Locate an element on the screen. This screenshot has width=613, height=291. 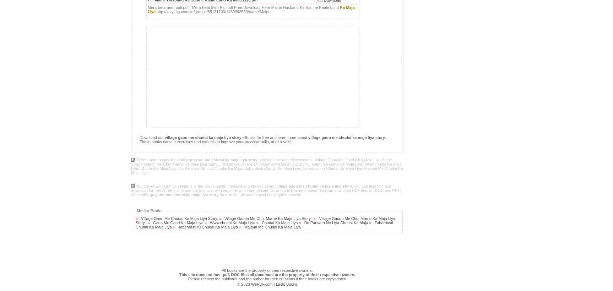
', you can use related keywords : Village Gaon Me Chudai Ka Maja Liya Story., Village Gauon Me Chut Marne Ka Maja Liya Story.., Village Gauon Me Chut Marne Ka Maja Liya Story.., Gaon Me Gand Ka Maja Liya, Www.chudai Ka Maja Liya, Chudai Ka Maja Liya, Do Parivaro Ne Liya Chudai Ka Maja, Zabardasti Chudai Ka Maja Liya, Jaberdasti Ki Chudai Ka Maja Liya, Majburi Me Chudai Ka Maja Liya' is located at coordinates (267, 166).